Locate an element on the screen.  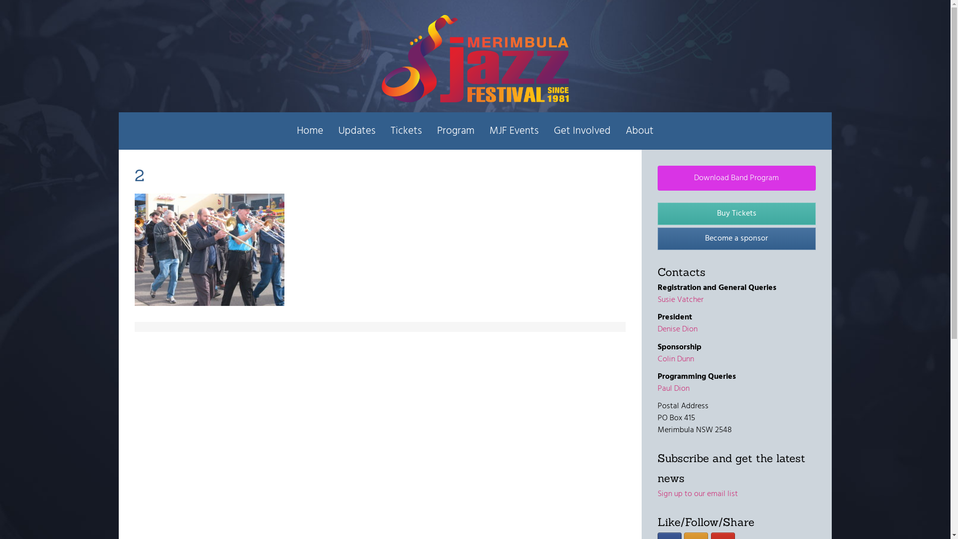
'Buy Tickets' is located at coordinates (736, 213).